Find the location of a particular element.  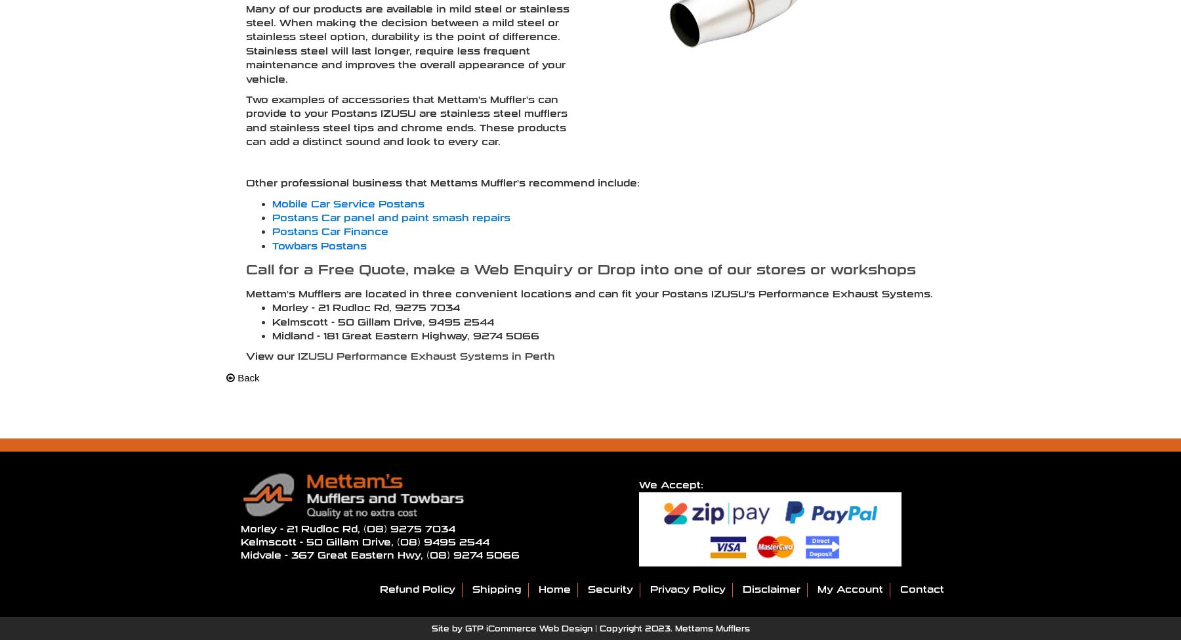

'Midland - 181 Great Eastern Highway, 9274 5066' is located at coordinates (405, 335).